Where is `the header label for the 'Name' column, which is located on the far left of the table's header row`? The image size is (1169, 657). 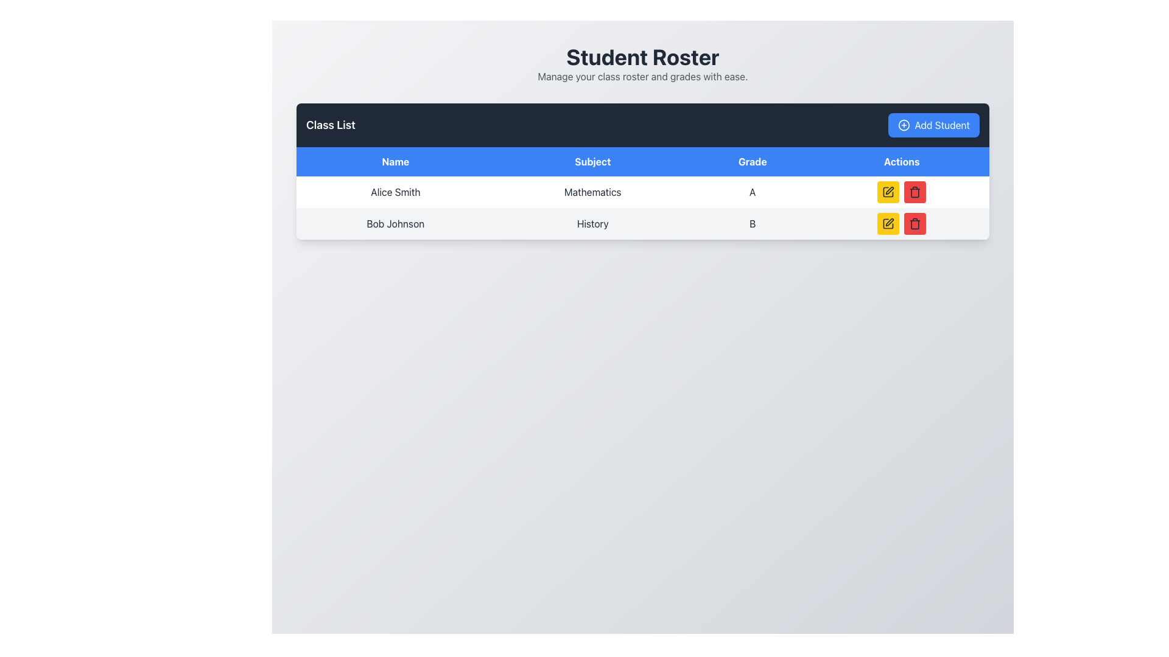
the header label for the 'Name' column, which is located on the far left of the table's header row is located at coordinates (395, 161).